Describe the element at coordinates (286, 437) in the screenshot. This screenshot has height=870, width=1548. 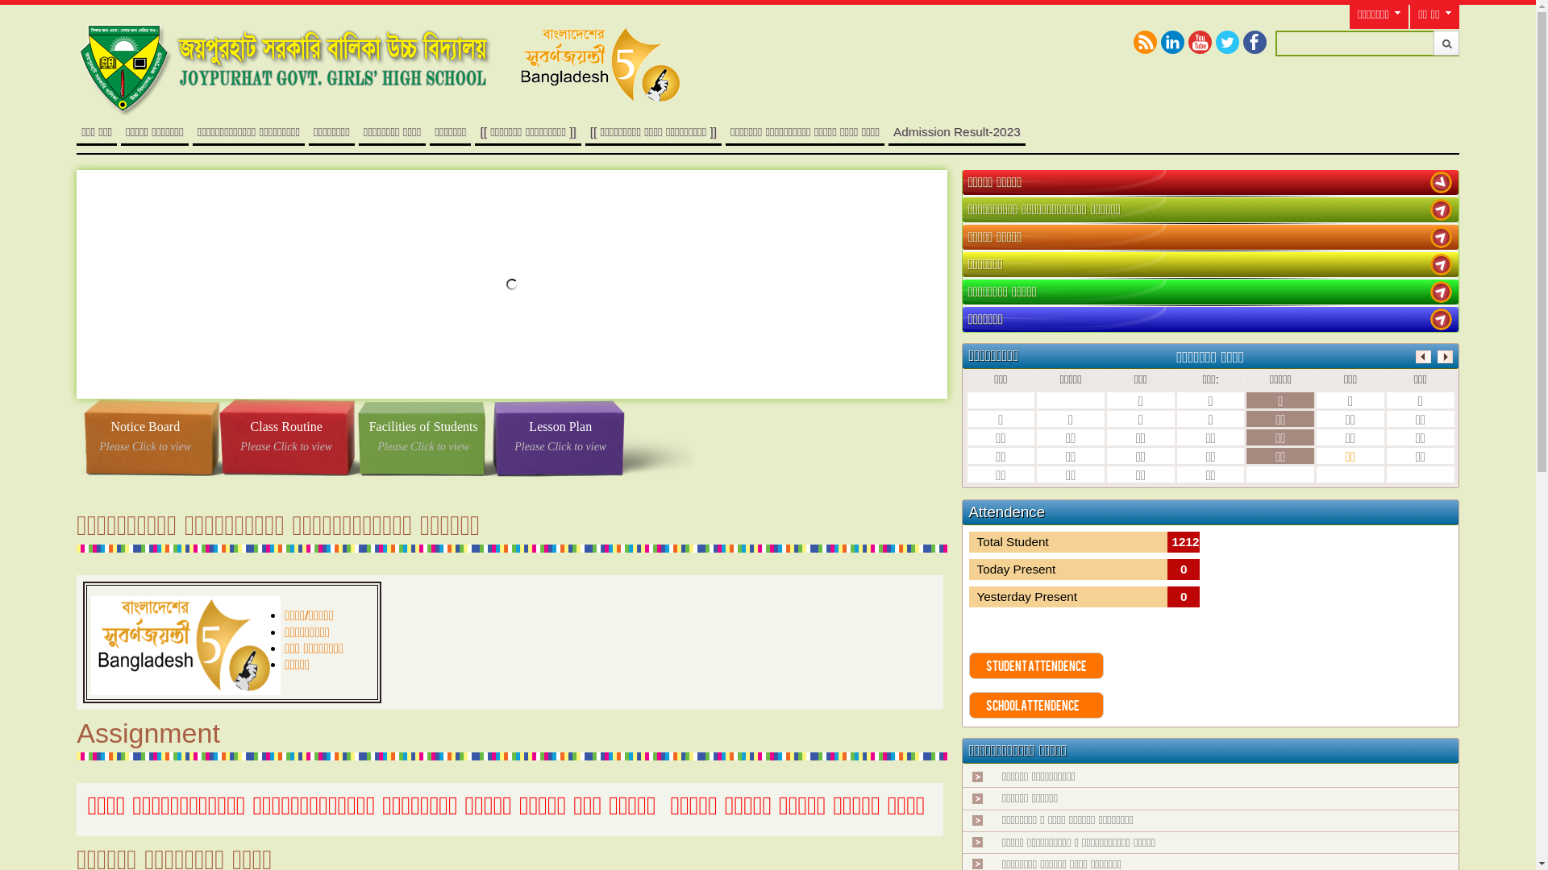
I see `'Class Routine` at that location.